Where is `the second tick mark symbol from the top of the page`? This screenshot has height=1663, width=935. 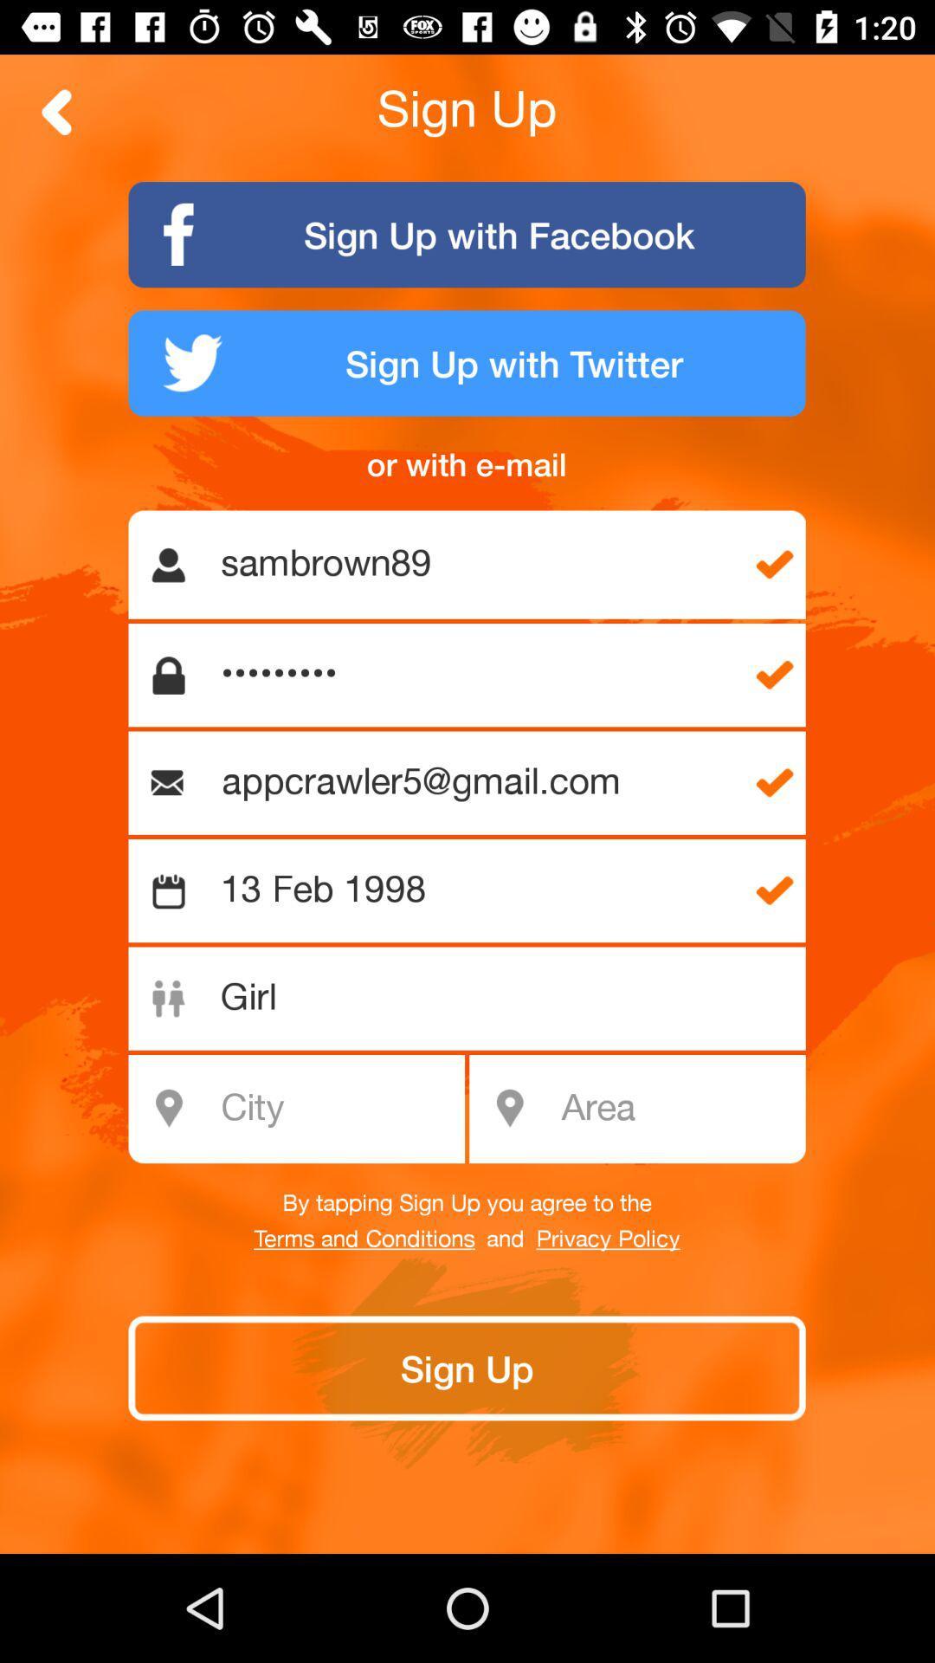
the second tick mark symbol from the top of the page is located at coordinates (774, 674).